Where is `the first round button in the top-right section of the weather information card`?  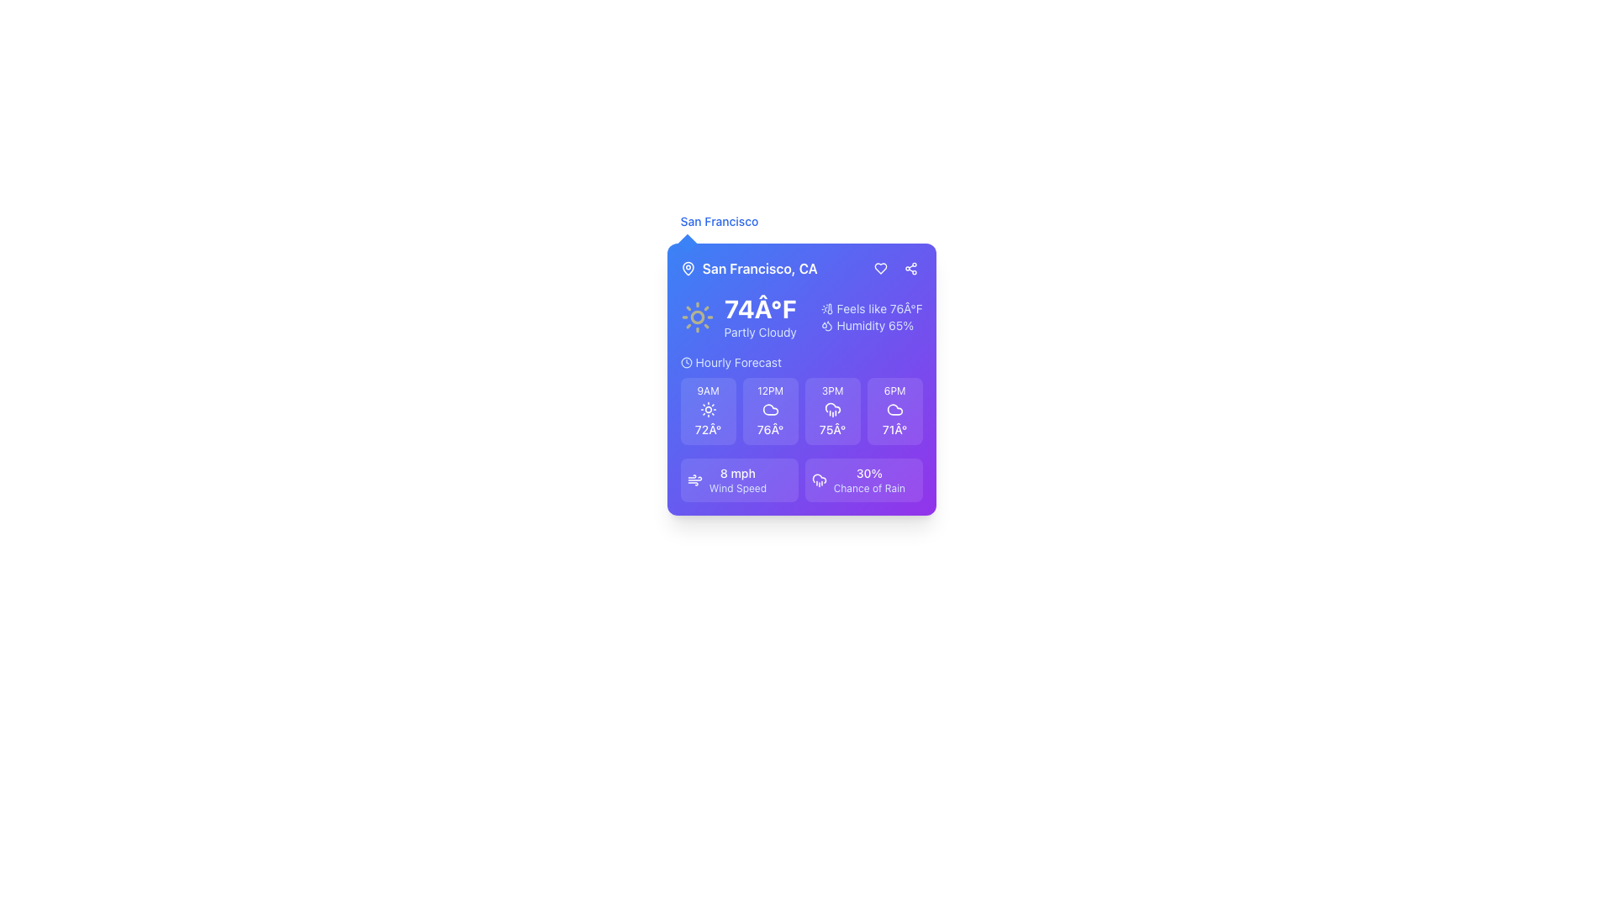
the first round button in the top-right section of the weather information card is located at coordinates (879, 268).